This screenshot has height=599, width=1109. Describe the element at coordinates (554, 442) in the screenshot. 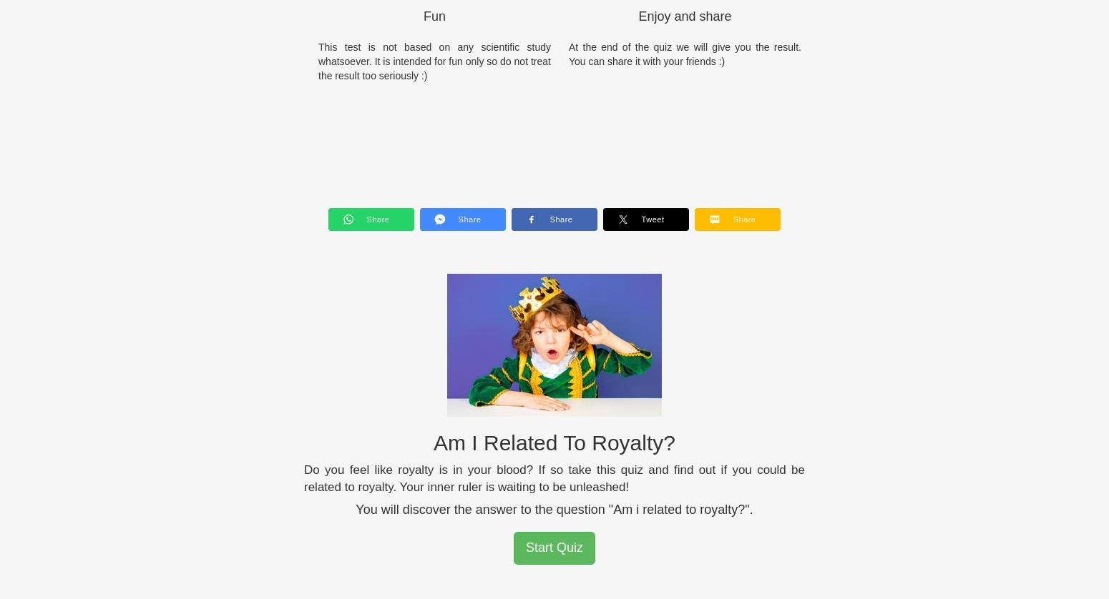

I see `'Am I Related To Royalty?'` at that location.